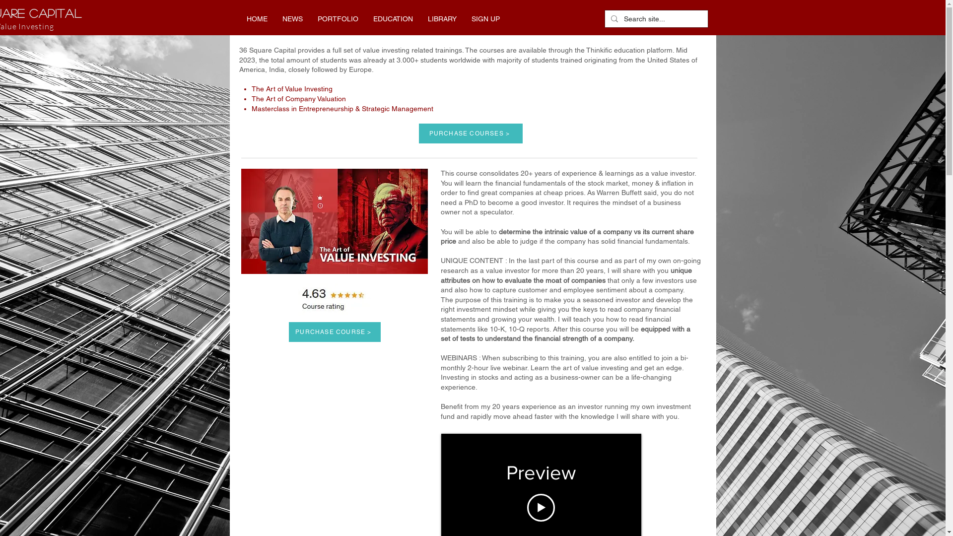 The image size is (953, 536). I want to click on 'The Art of Company Valuation', so click(298, 99).